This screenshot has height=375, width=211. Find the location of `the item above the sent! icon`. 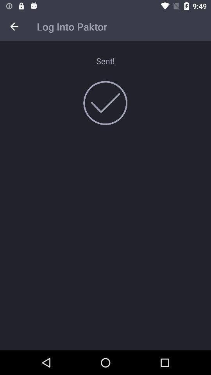

the item above the sent! icon is located at coordinates (14, 27).